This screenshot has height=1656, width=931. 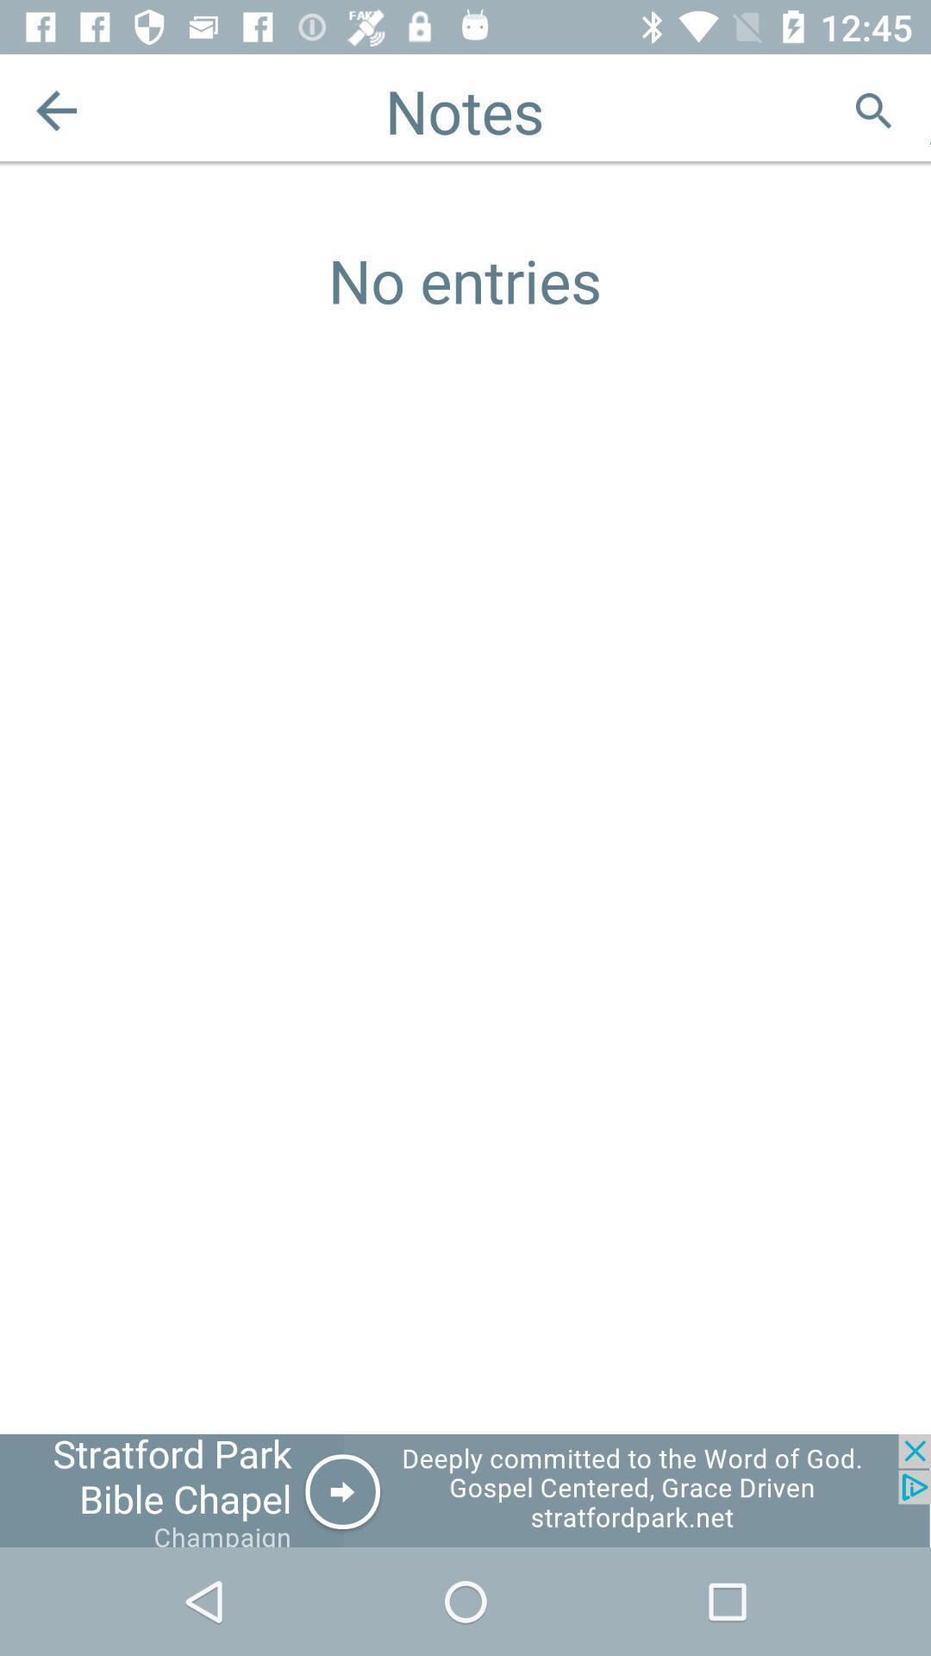 What do you see at coordinates (873, 110) in the screenshot?
I see `the search icon` at bounding box center [873, 110].